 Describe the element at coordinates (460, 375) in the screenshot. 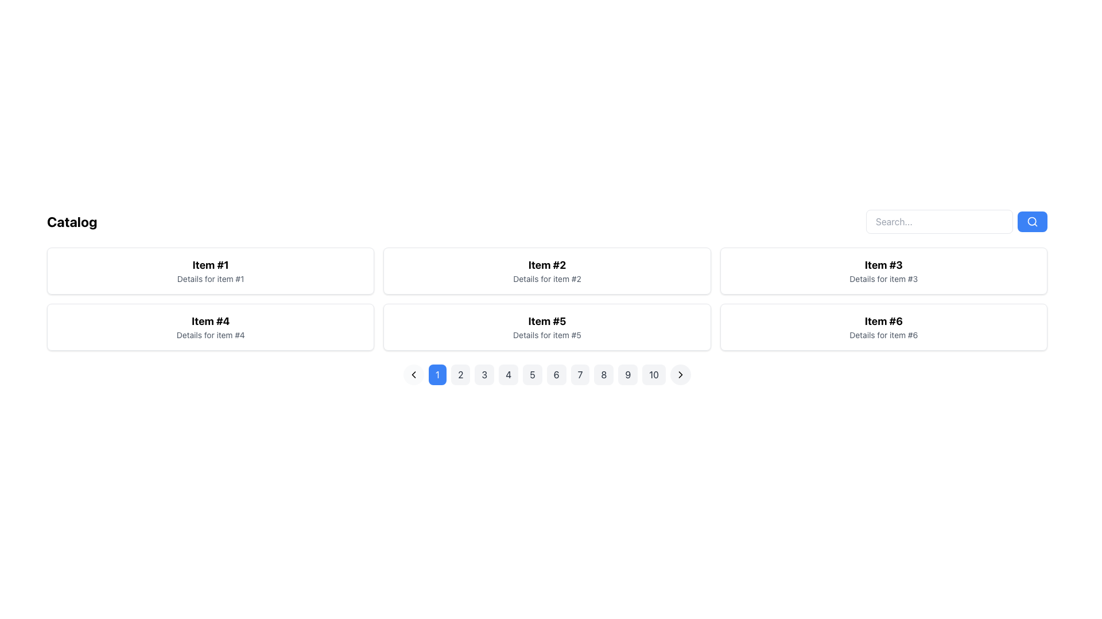

I see `the second button in the pagination section` at that location.